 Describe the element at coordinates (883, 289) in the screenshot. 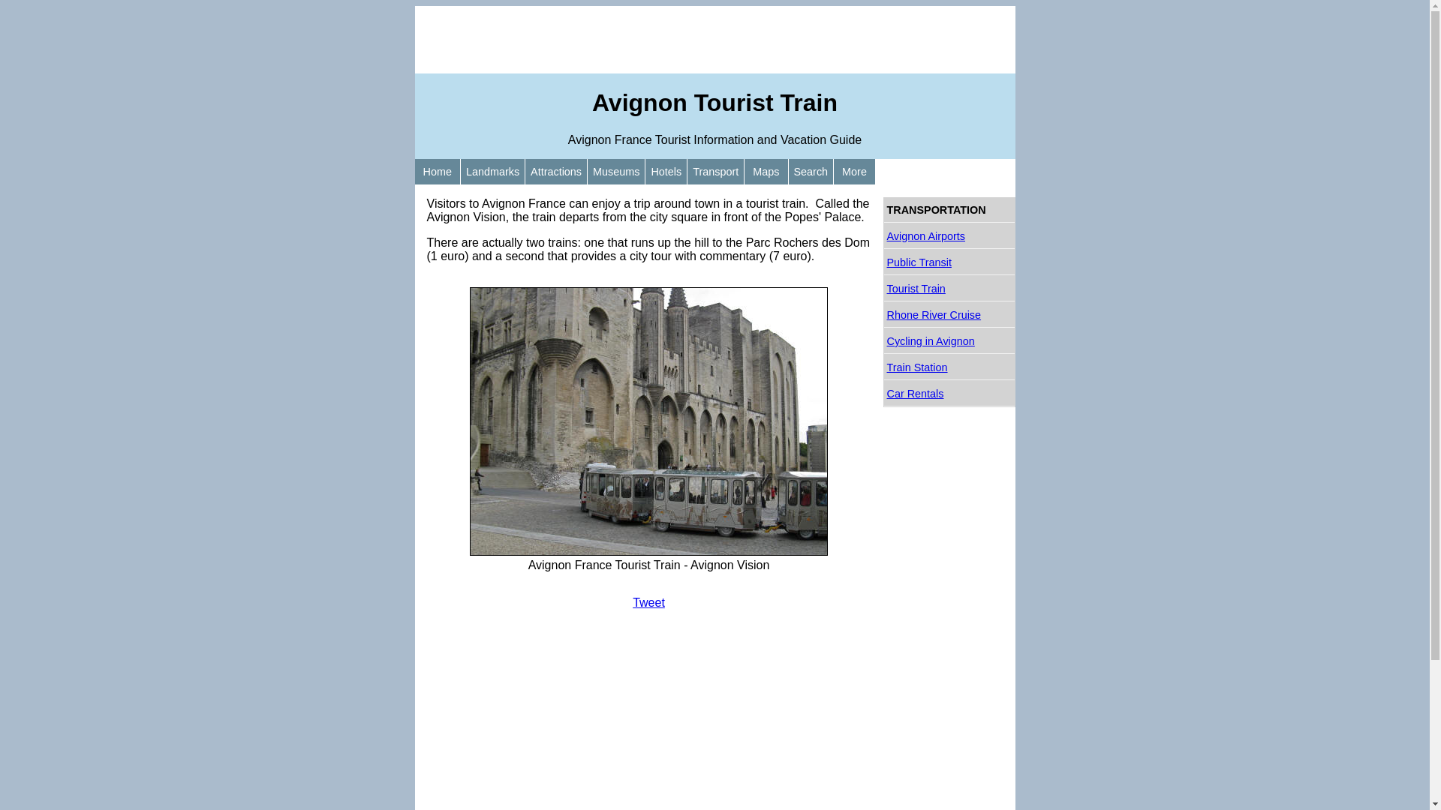

I see `'Tourist Train'` at that location.